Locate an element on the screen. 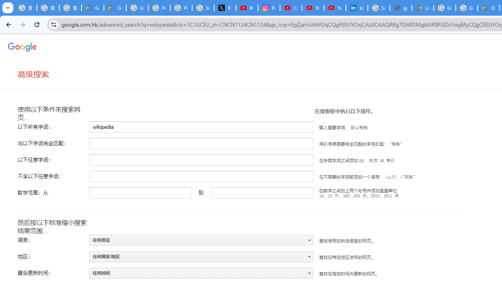  'YouTube Culture & Trends - YouTube Top 10, 2021' is located at coordinates (335, 8).